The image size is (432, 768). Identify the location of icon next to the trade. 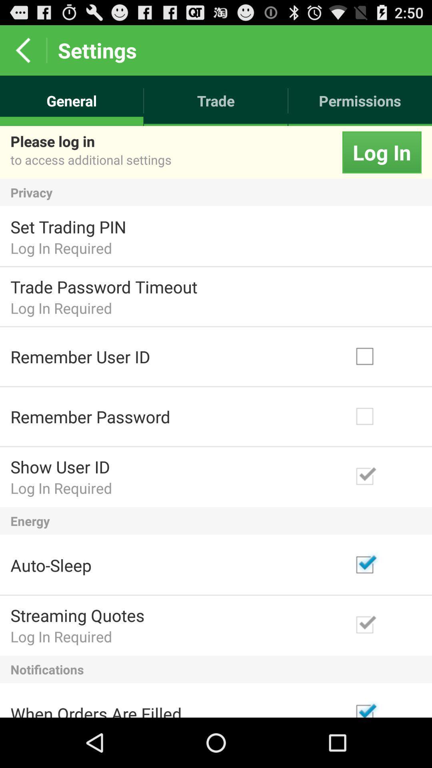
(360, 100).